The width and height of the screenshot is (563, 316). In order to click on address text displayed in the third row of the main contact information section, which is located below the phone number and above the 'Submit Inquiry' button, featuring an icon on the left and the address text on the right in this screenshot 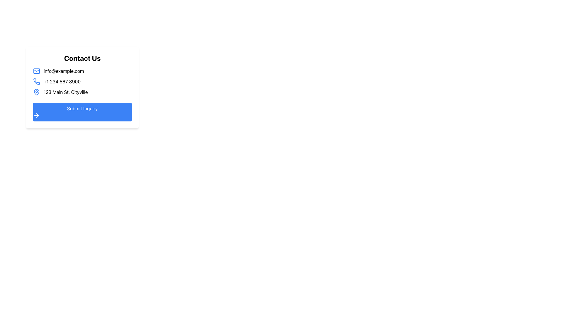, I will do `click(82, 92)`.